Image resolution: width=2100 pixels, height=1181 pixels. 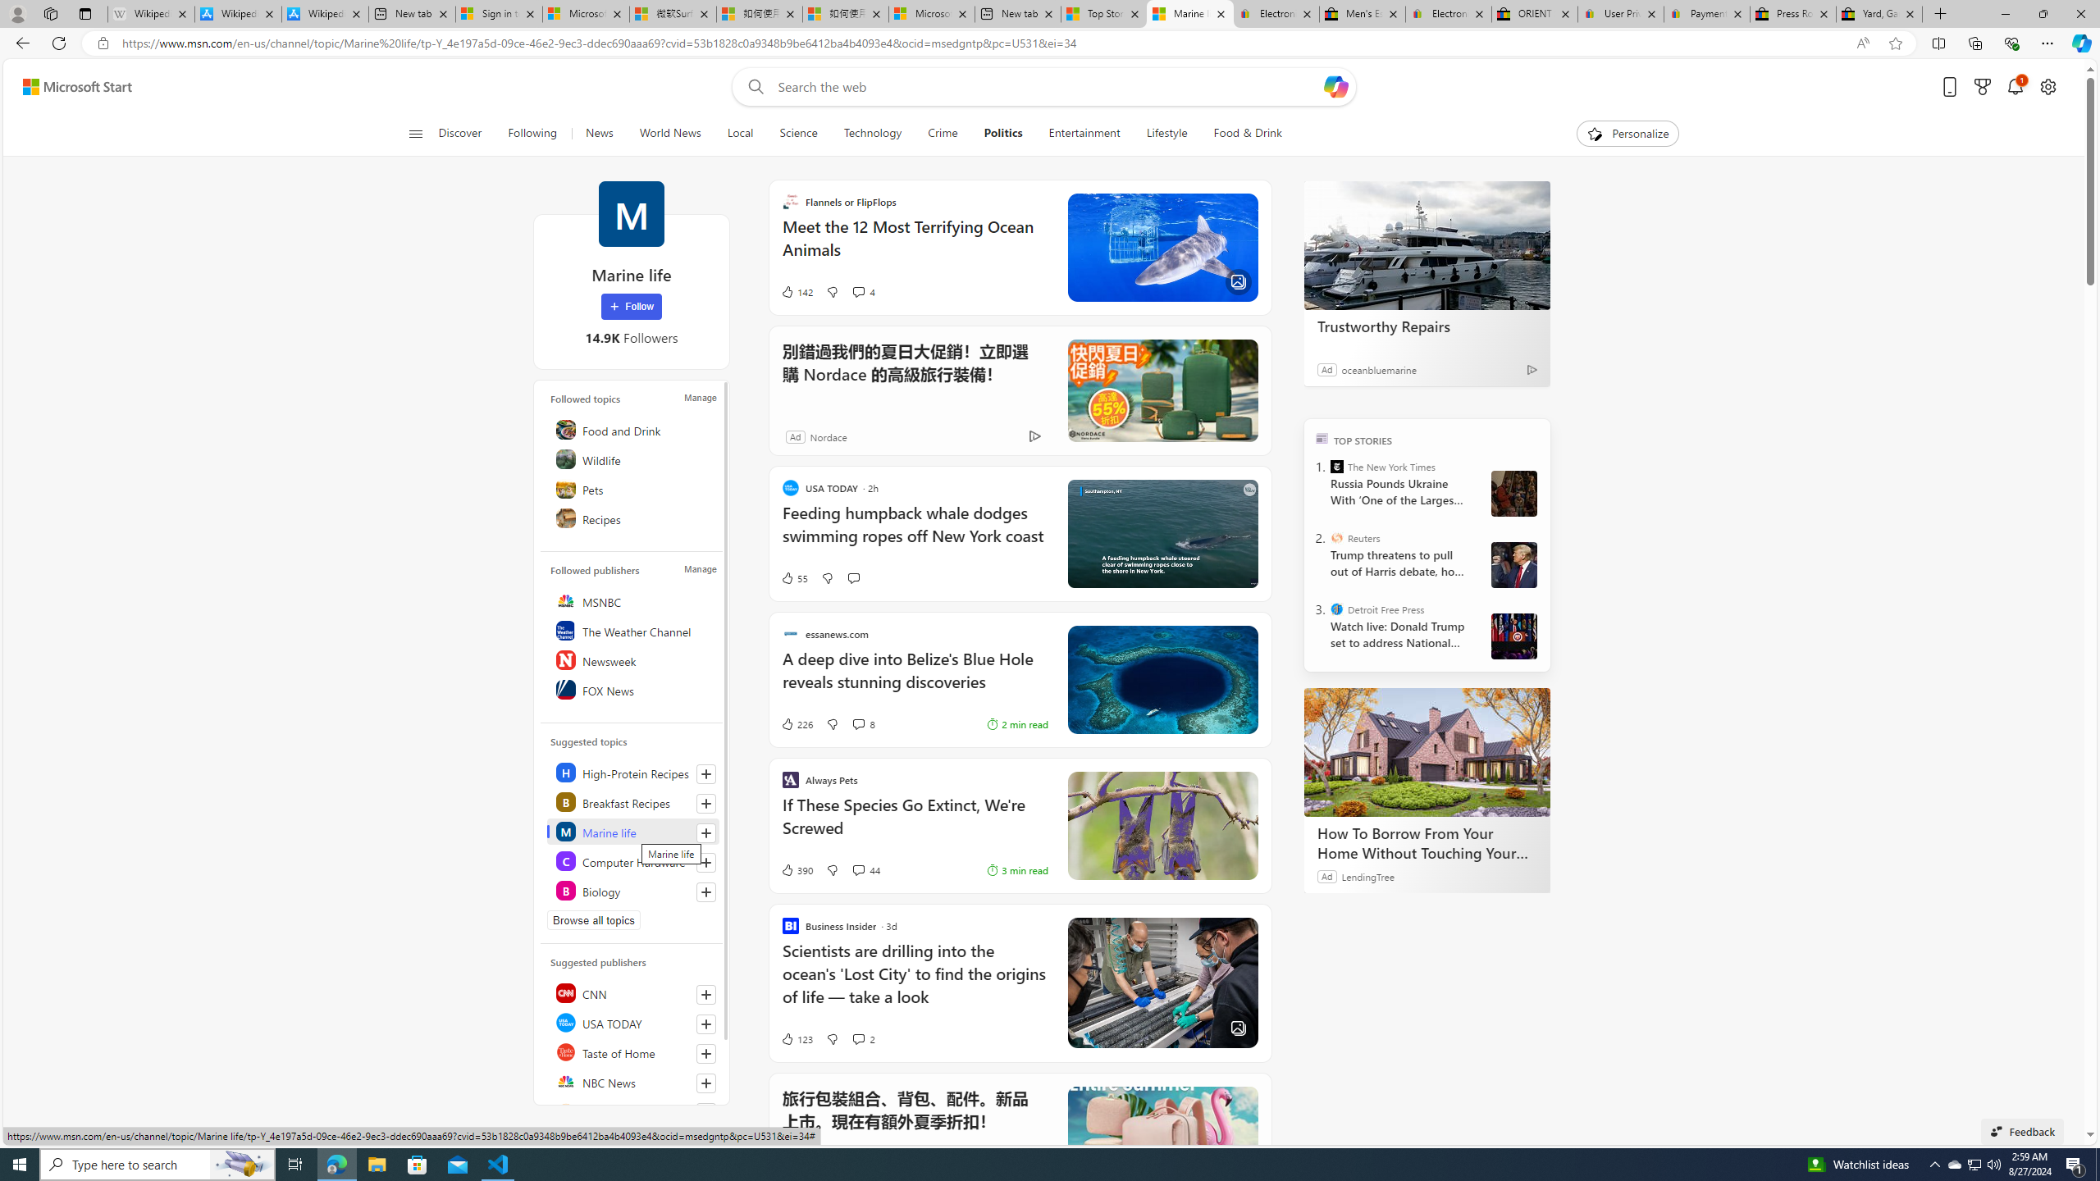 I want to click on 'View comments 2 Comment', so click(x=862, y=1039).